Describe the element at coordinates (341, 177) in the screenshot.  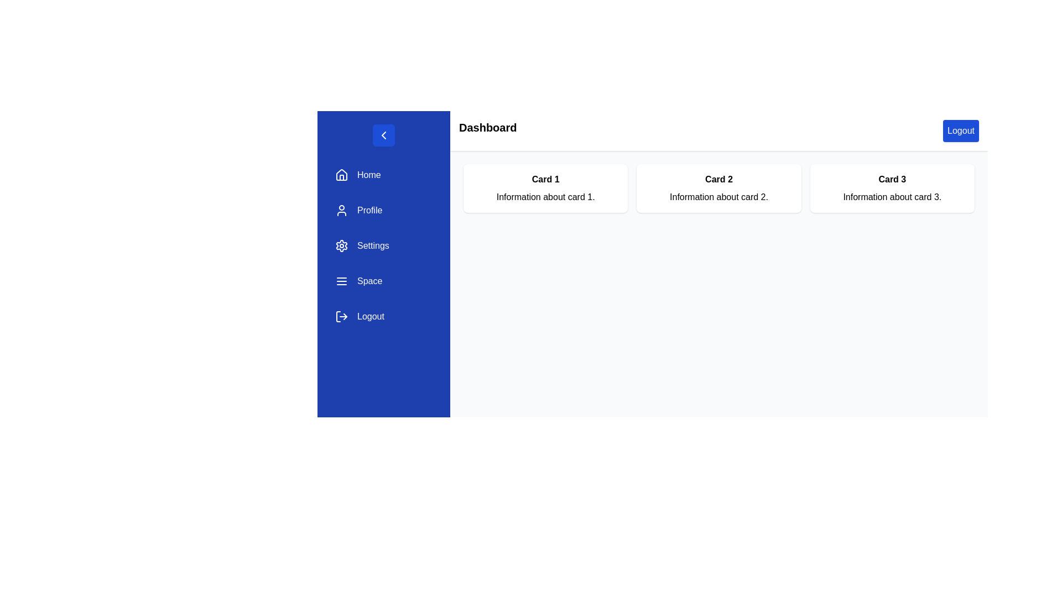
I see `the left vertical line of the door shape within the house icon in the leftmost navigation panel, which symbolizes navigation to the home or dashboard view` at that location.